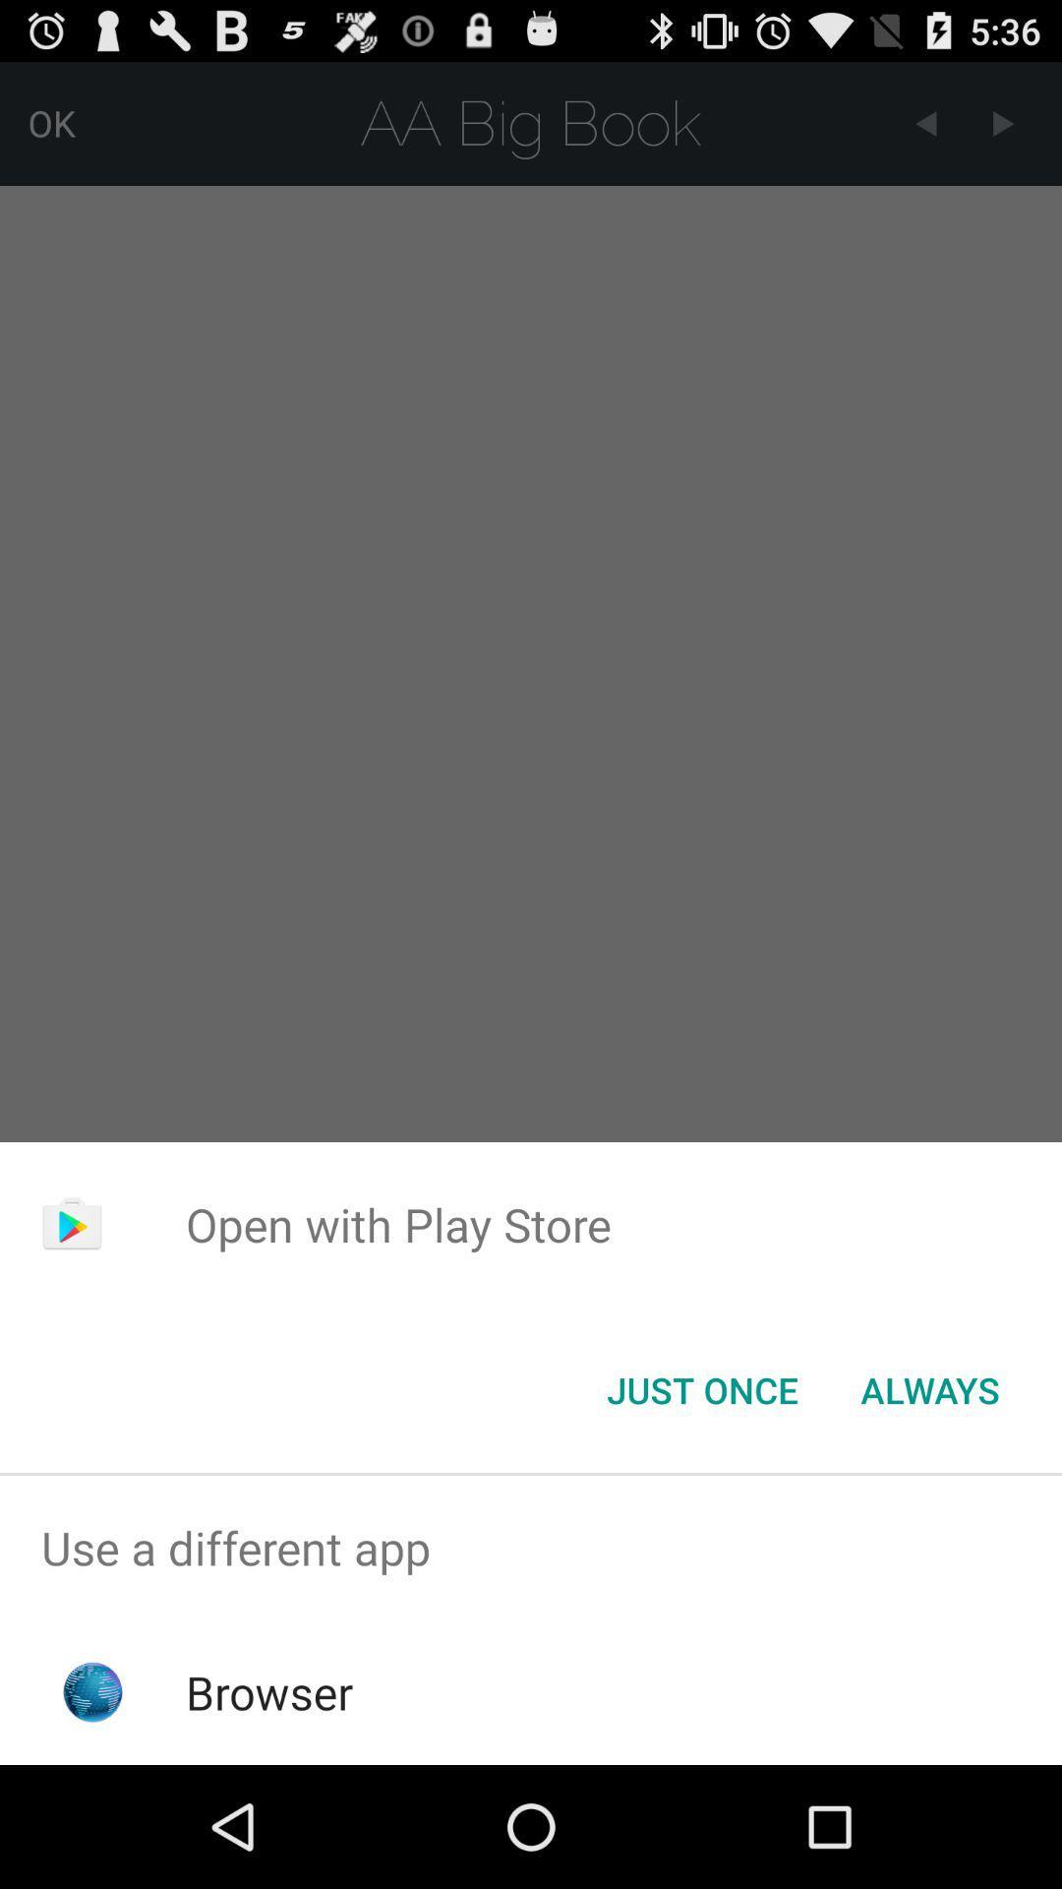  I want to click on icon to the left of the always, so click(701, 1388).